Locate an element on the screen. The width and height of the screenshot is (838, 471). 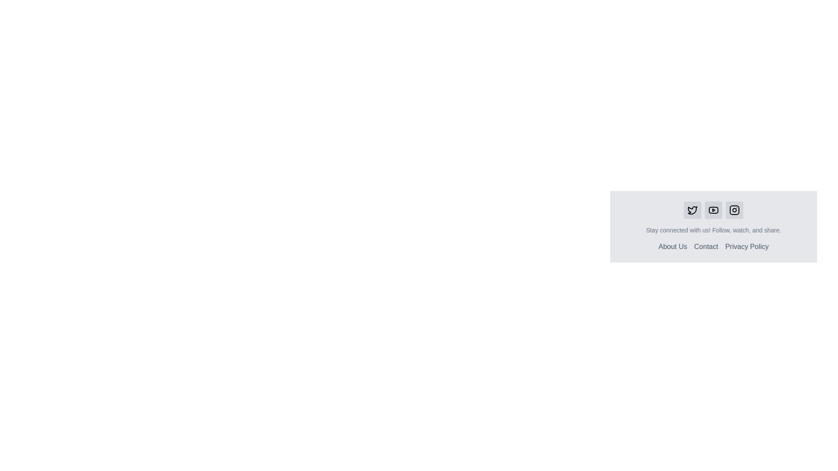
the hyperlink that directs to the 'Privacy Policy' page, located at the bottom-right corner of the layout is located at coordinates (746, 246).